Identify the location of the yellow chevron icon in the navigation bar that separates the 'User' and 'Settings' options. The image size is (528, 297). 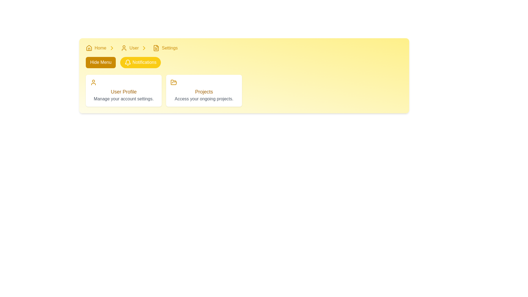
(111, 48).